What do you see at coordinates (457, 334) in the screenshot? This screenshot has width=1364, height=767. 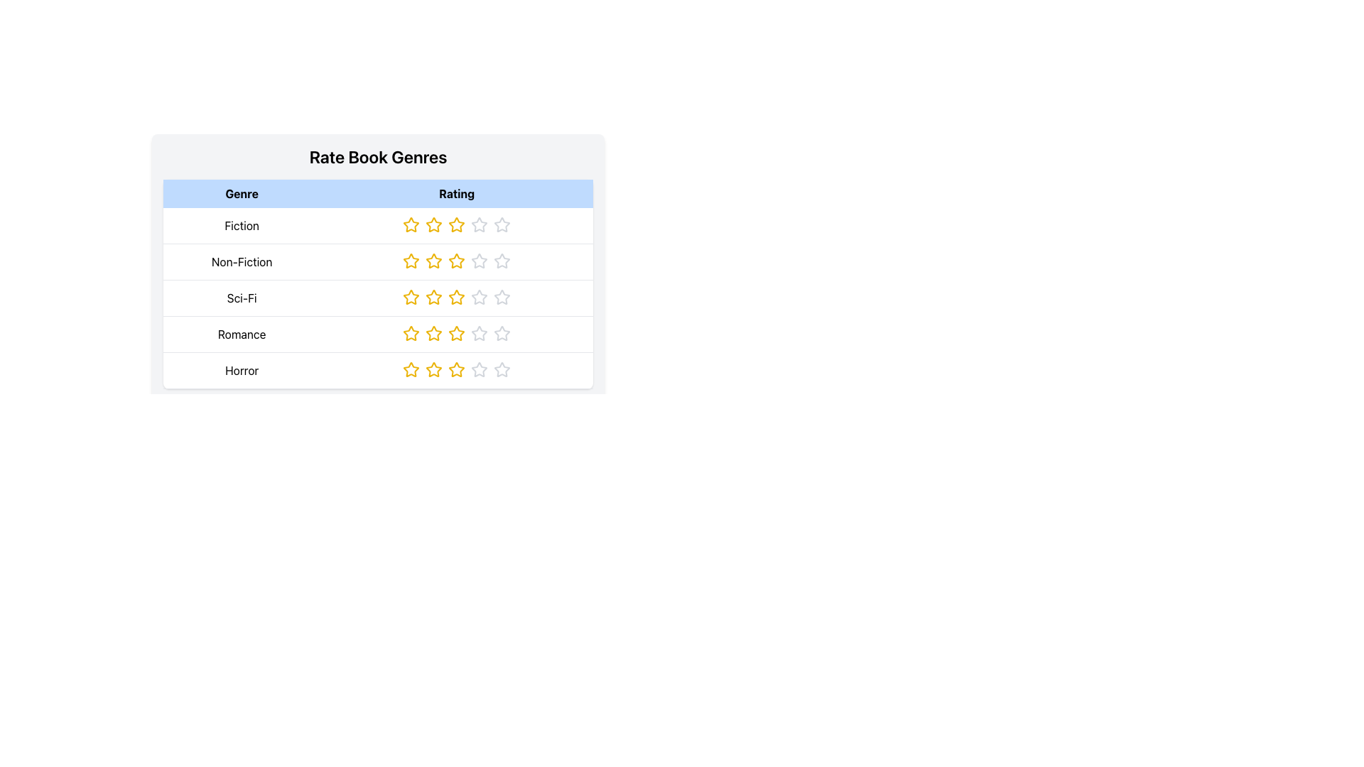 I see `the fourth yellow Rating Star icon located in the 'Rating' column of the 'Romance' row` at bounding box center [457, 334].